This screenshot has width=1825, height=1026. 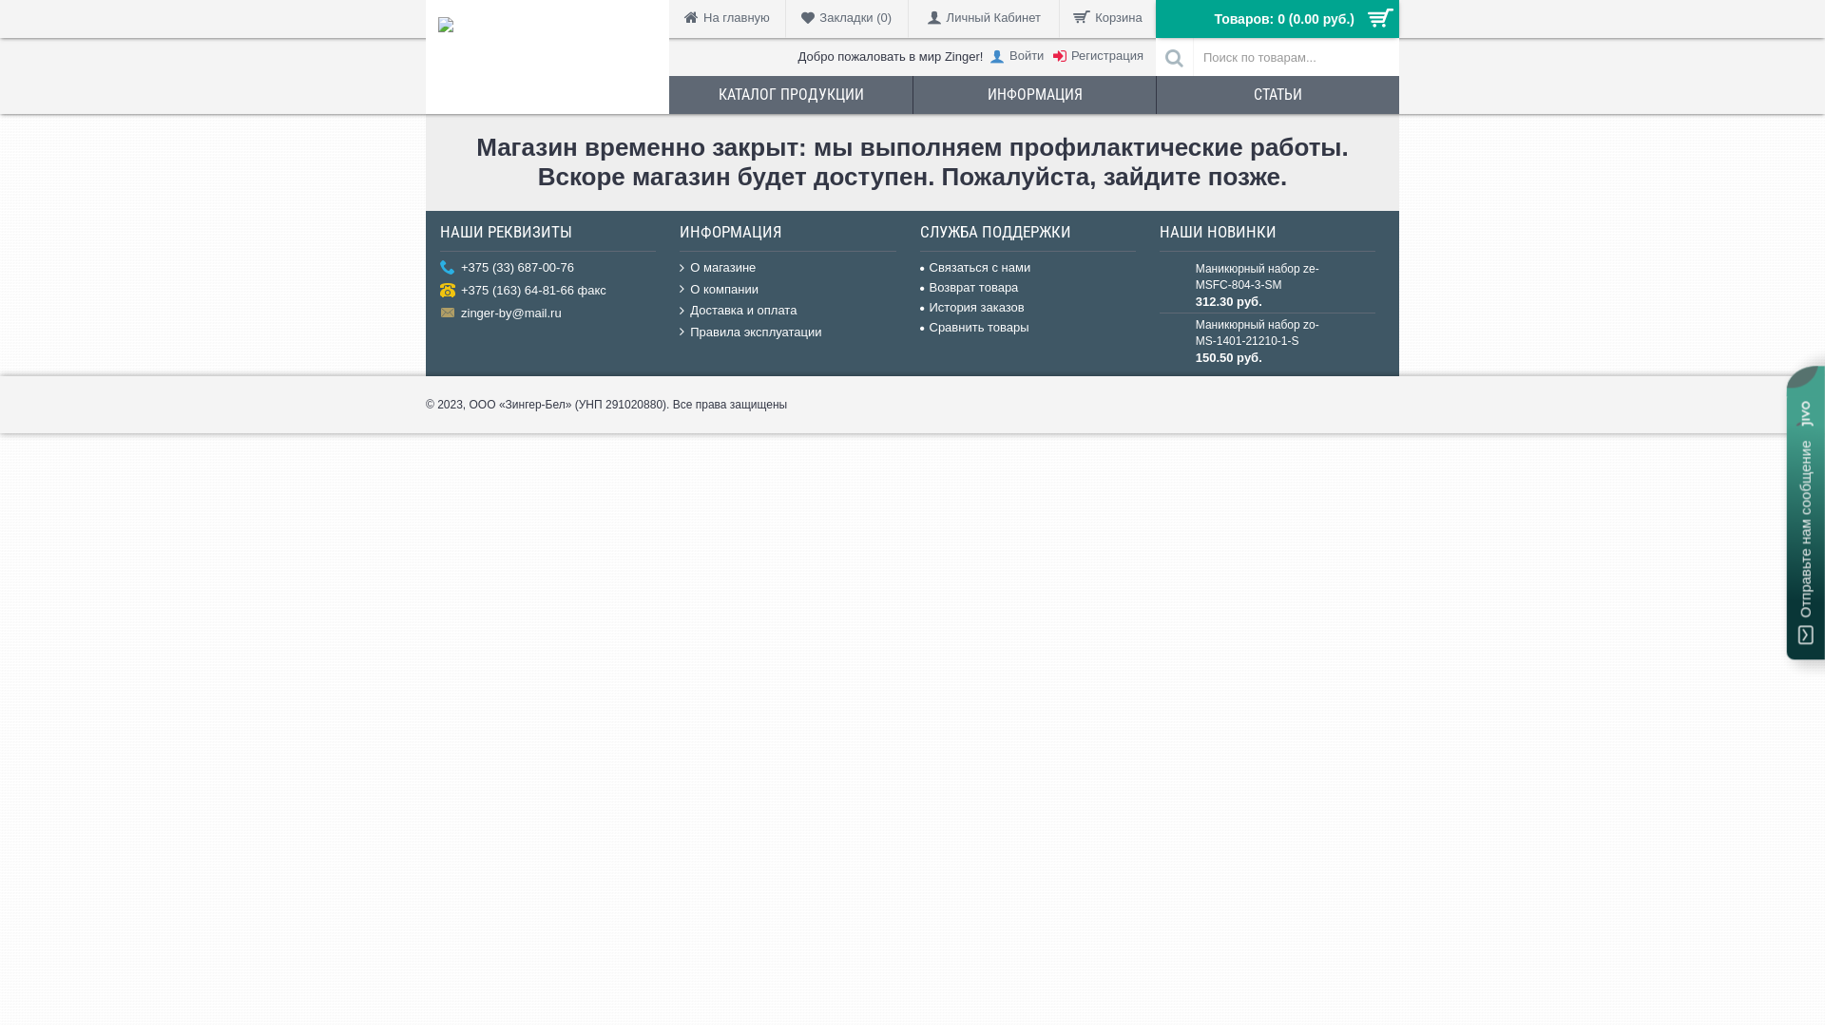 What do you see at coordinates (547, 313) in the screenshot?
I see `'zinger-by@mail.ru'` at bounding box center [547, 313].